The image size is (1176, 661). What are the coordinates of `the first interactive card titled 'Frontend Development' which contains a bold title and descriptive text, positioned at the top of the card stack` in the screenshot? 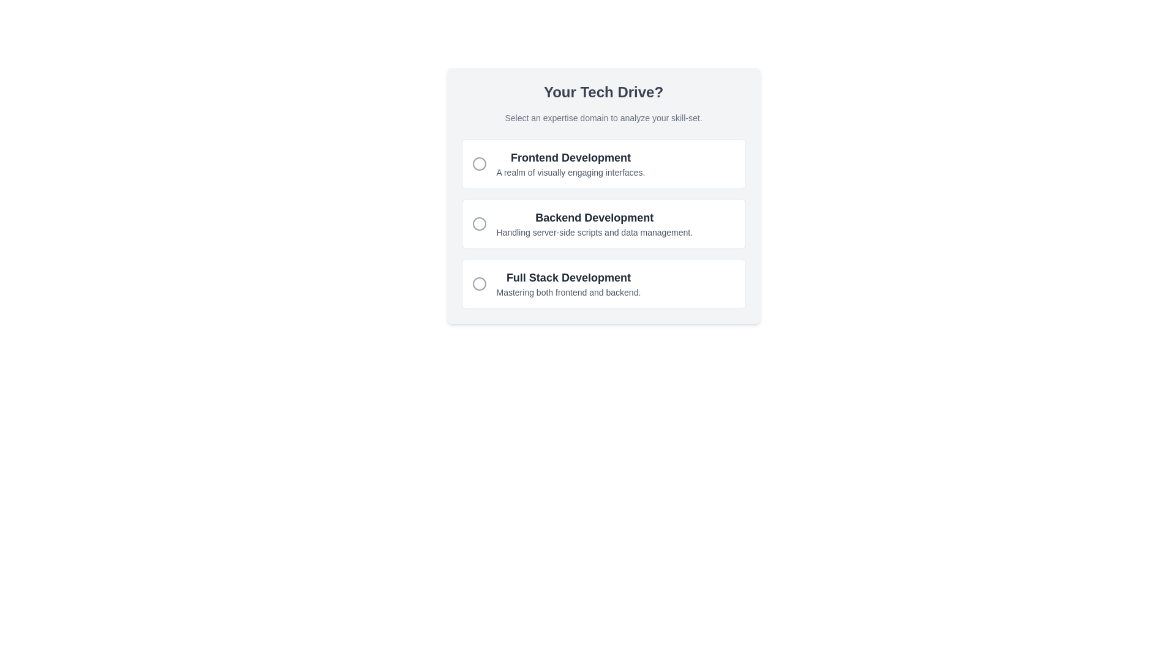 It's located at (603, 163).